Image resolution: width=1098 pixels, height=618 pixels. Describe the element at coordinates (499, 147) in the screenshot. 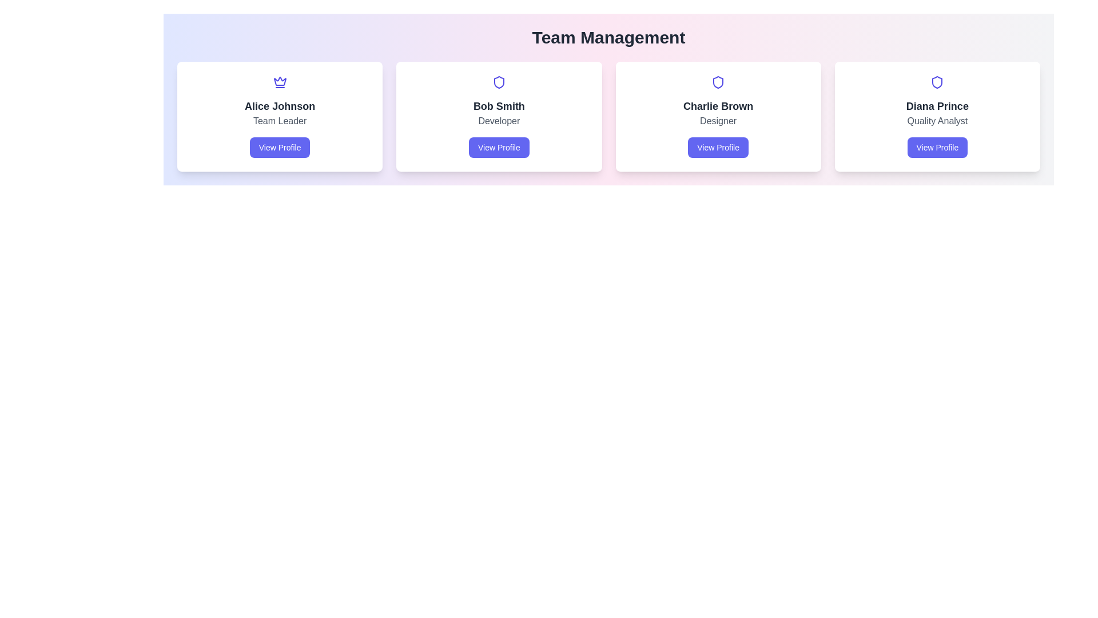

I see `the button that navigates to the profile page of 'Bob Smith', the 'Developer', located in the second card of a row of four cards, positioned centrally beneath the text 'Developer'` at that location.